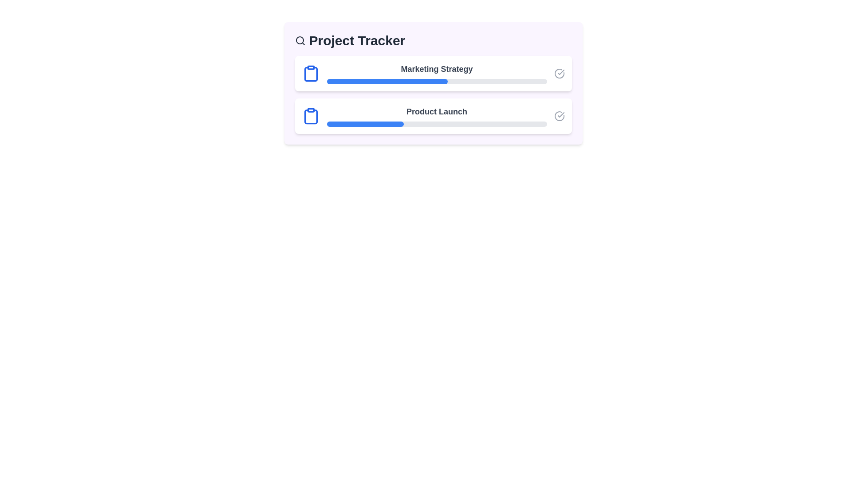  Describe the element at coordinates (433, 116) in the screenshot. I see `the project title Product Launch` at that location.